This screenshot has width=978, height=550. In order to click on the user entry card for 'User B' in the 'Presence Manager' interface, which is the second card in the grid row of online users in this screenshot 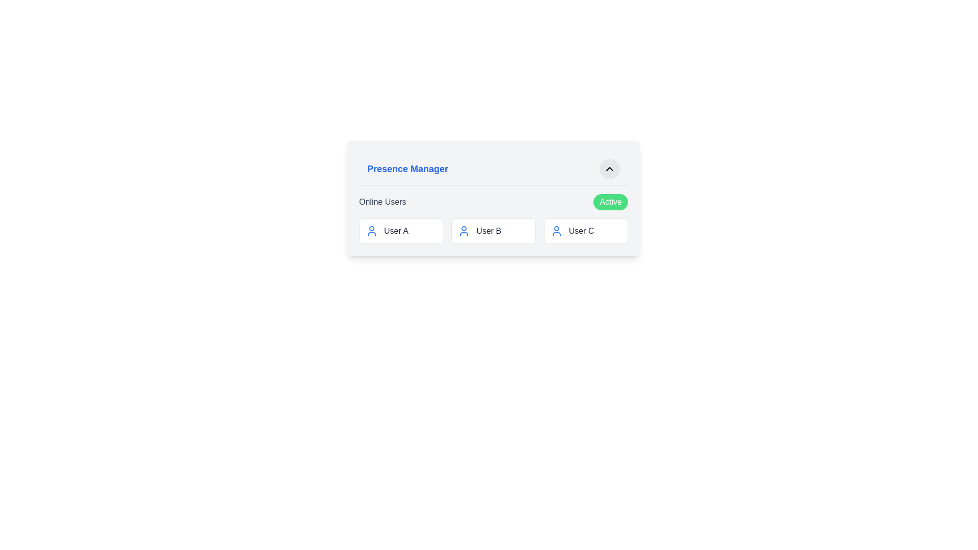, I will do `click(494, 231)`.